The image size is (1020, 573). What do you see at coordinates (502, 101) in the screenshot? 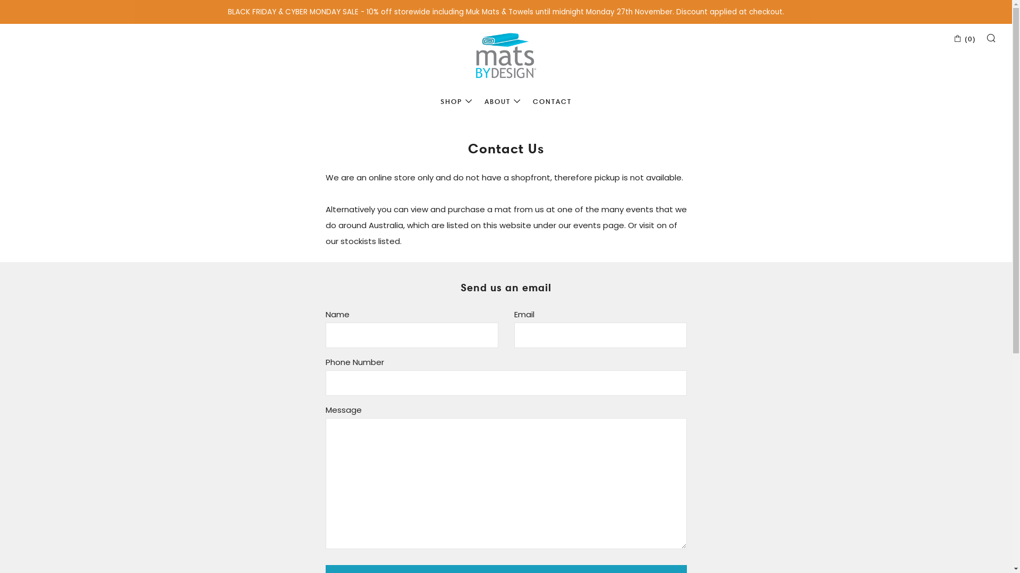
I see `'ABOUT'` at bounding box center [502, 101].